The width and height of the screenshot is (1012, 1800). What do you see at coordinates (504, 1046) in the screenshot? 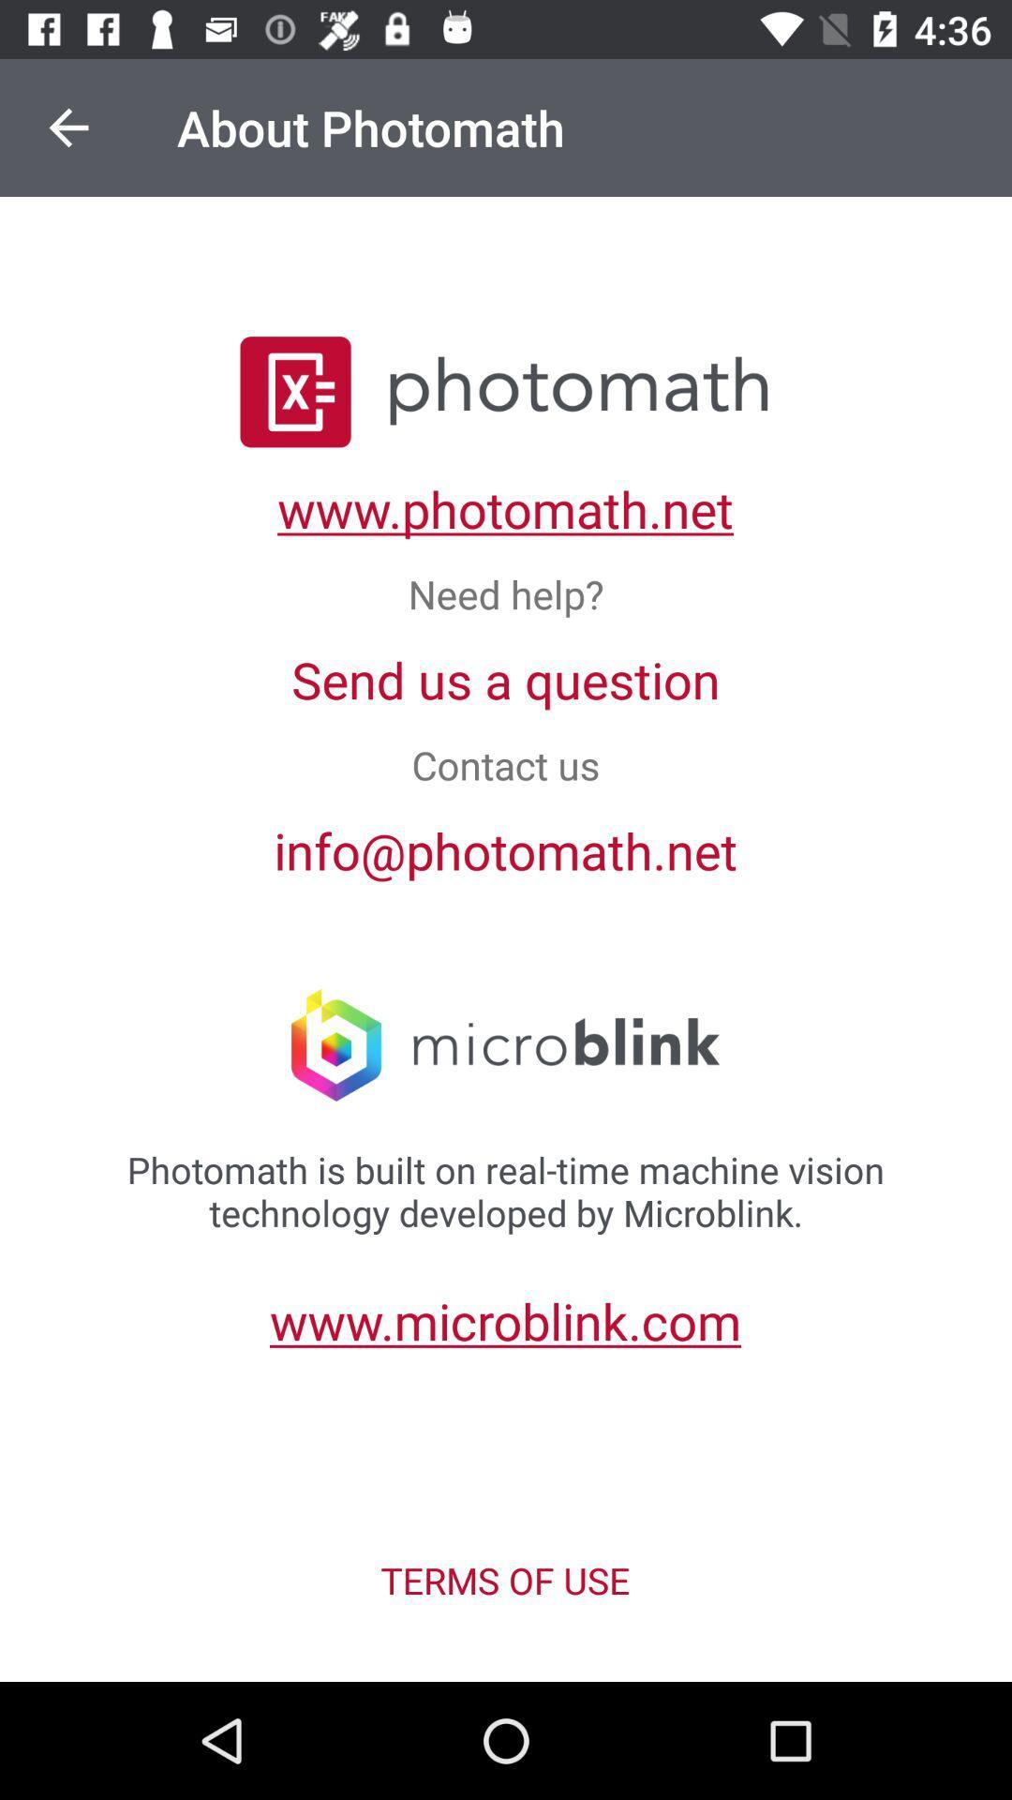
I see `microblink with icon` at bounding box center [504, 1046].